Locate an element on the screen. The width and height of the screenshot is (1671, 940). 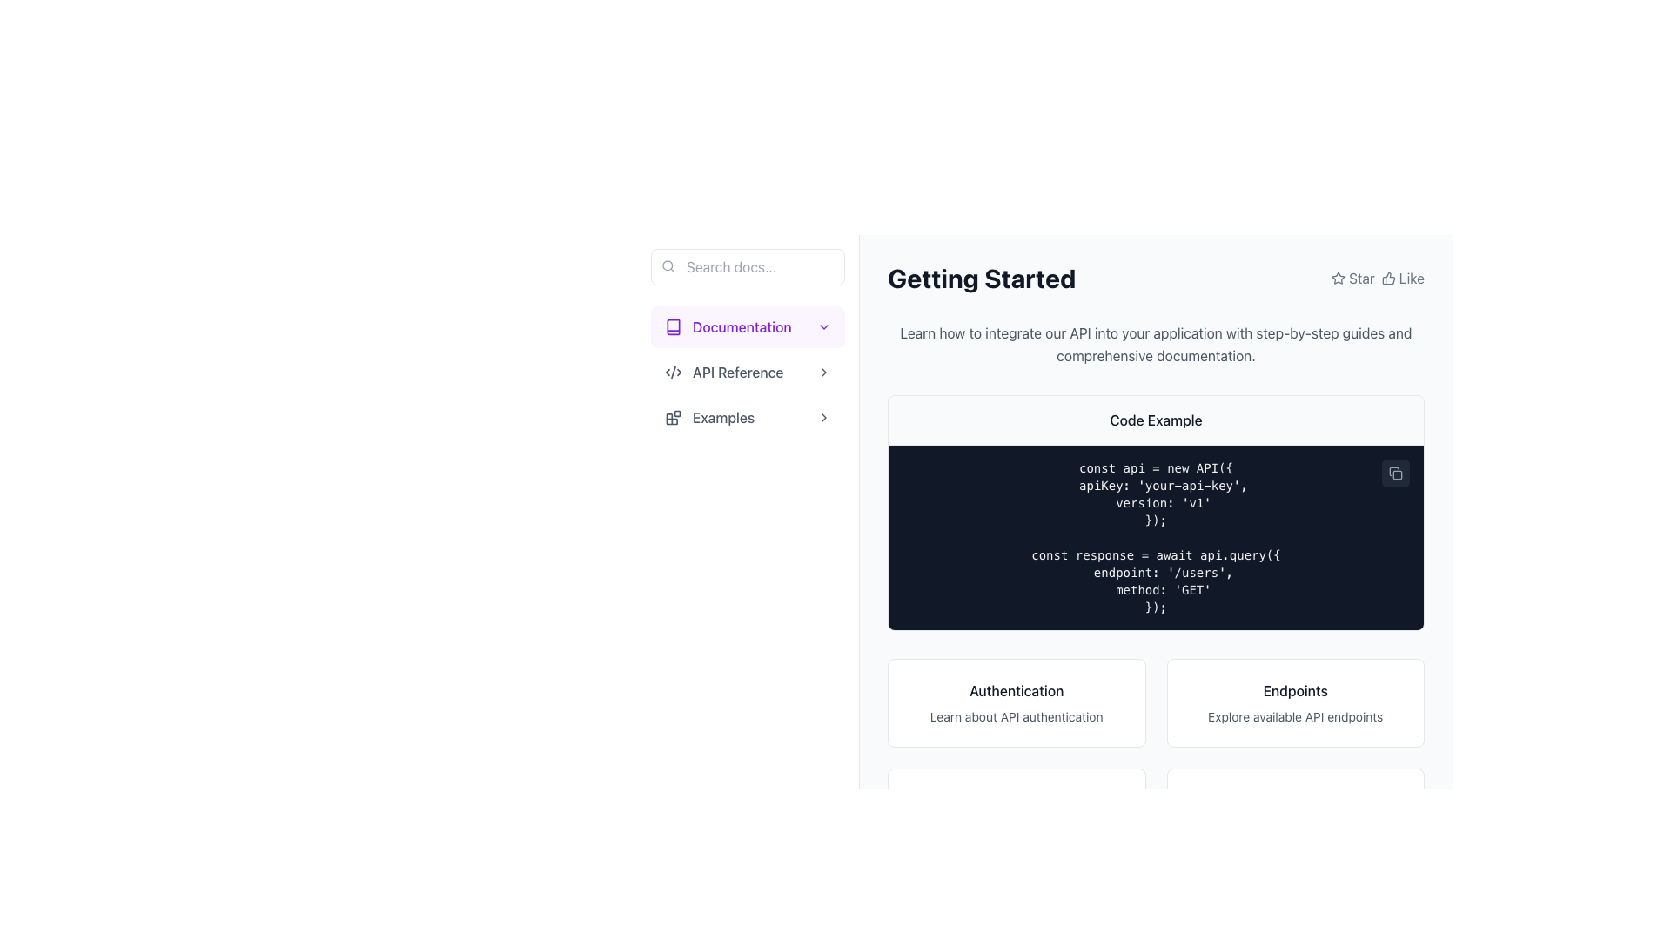
the 'API Reference' button located in the sidebar menu is located at coordinates (748, 372).